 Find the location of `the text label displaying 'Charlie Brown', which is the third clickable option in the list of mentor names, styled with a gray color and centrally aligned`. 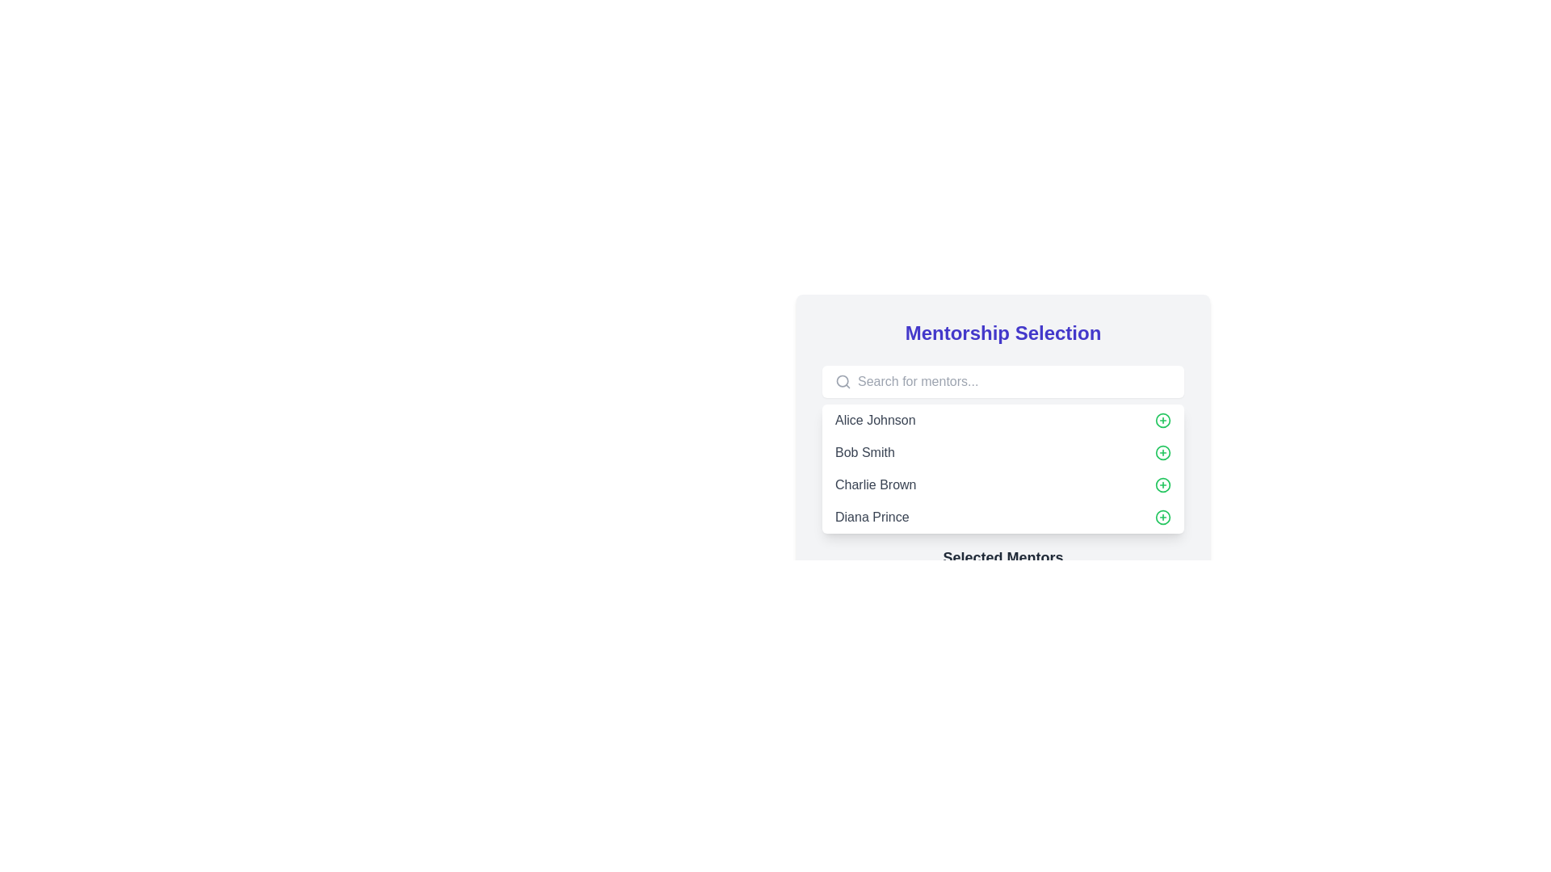

the text label displaying 'Charlie Brown', which is the third clickable option in the list of mentor names, styled with a gray color and centrally aligned is located at coordinates (875, 484).